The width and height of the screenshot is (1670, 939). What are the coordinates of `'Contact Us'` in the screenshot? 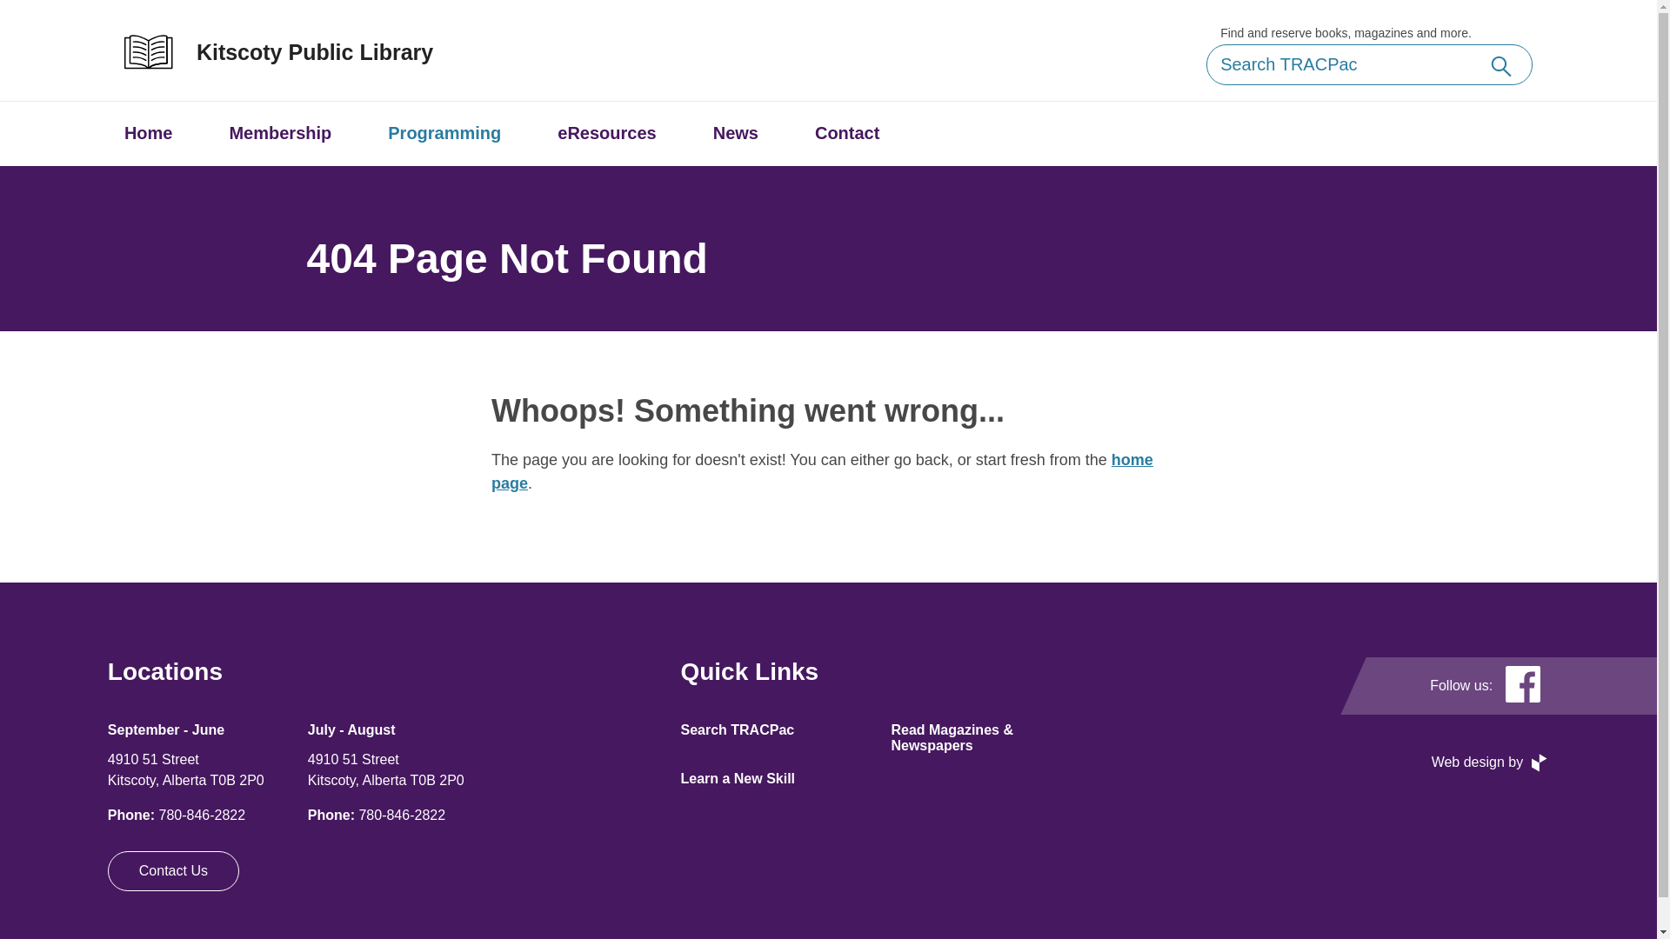 It's located at (173, 871).